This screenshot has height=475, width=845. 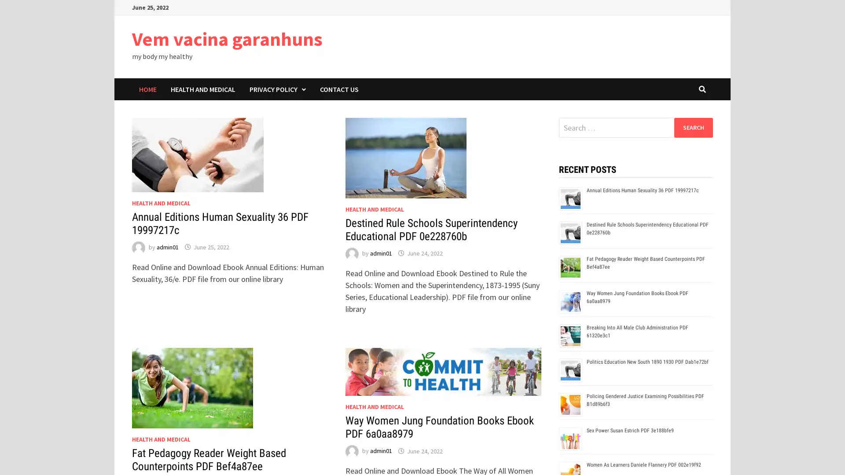 What do you see at coordinates (693, 127) in the screenshot?
I see `Search` at bounding box center [693, 127].